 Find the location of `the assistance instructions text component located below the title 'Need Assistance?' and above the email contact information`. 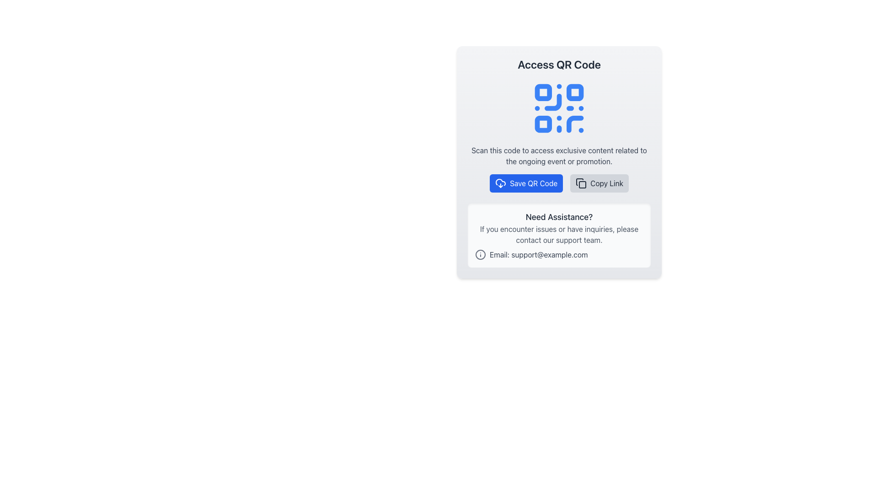

the assistance instructions text component located below the title 'Need Assistance?' and above the email contact information is located at coordinates (559, 234).